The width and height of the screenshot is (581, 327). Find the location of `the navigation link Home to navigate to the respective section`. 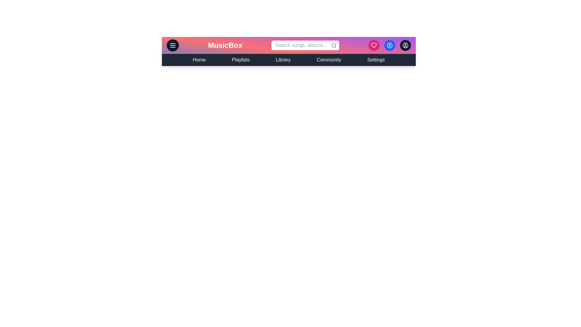

the navigation link Home to navigate to the respective section is located at coordinates (199, 60).